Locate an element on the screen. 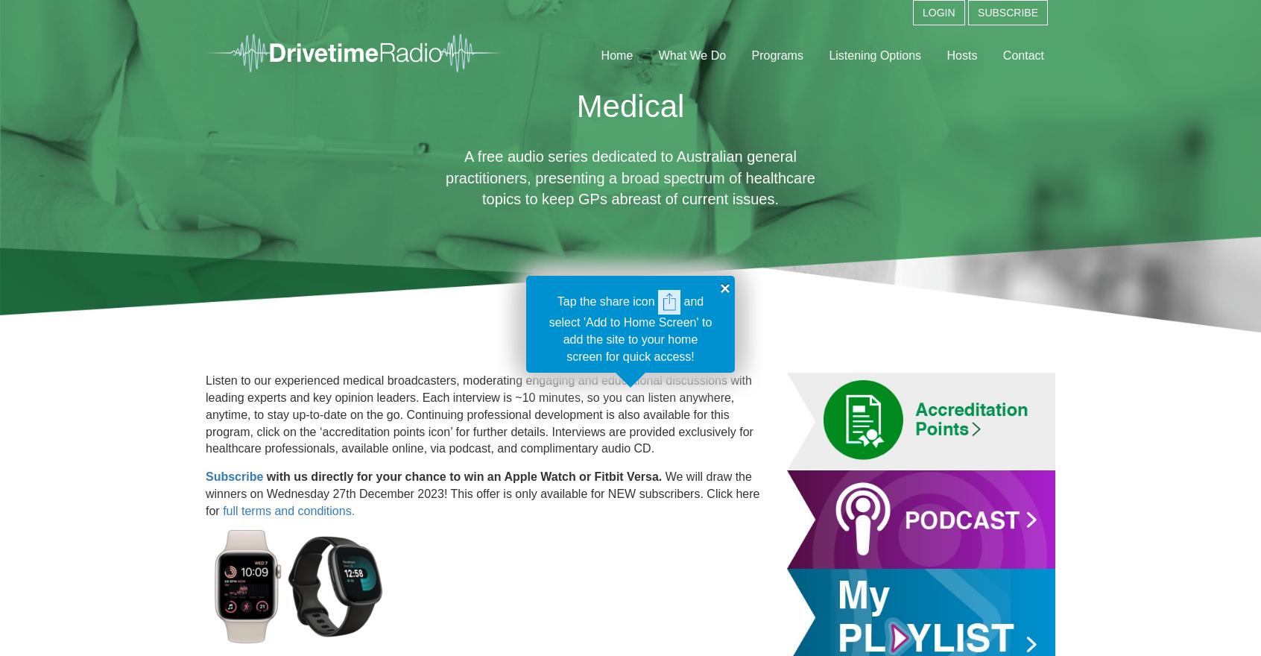 Image resolution: width=1261 pixels, height=656 pixels. 'What We Do' is located at coordinates (692, 54).